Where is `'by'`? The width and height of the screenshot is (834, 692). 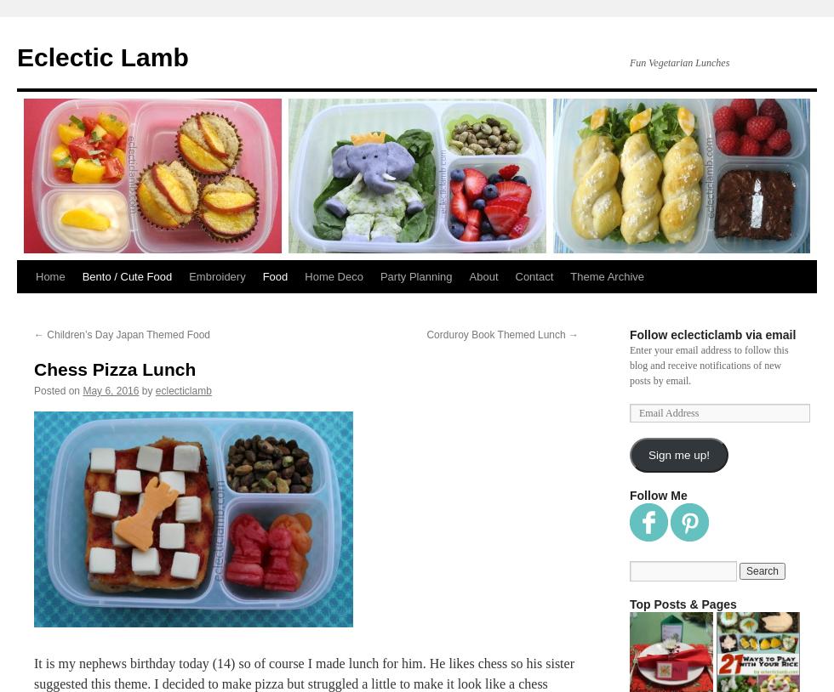
'by' is located at coordinates (146, 389).